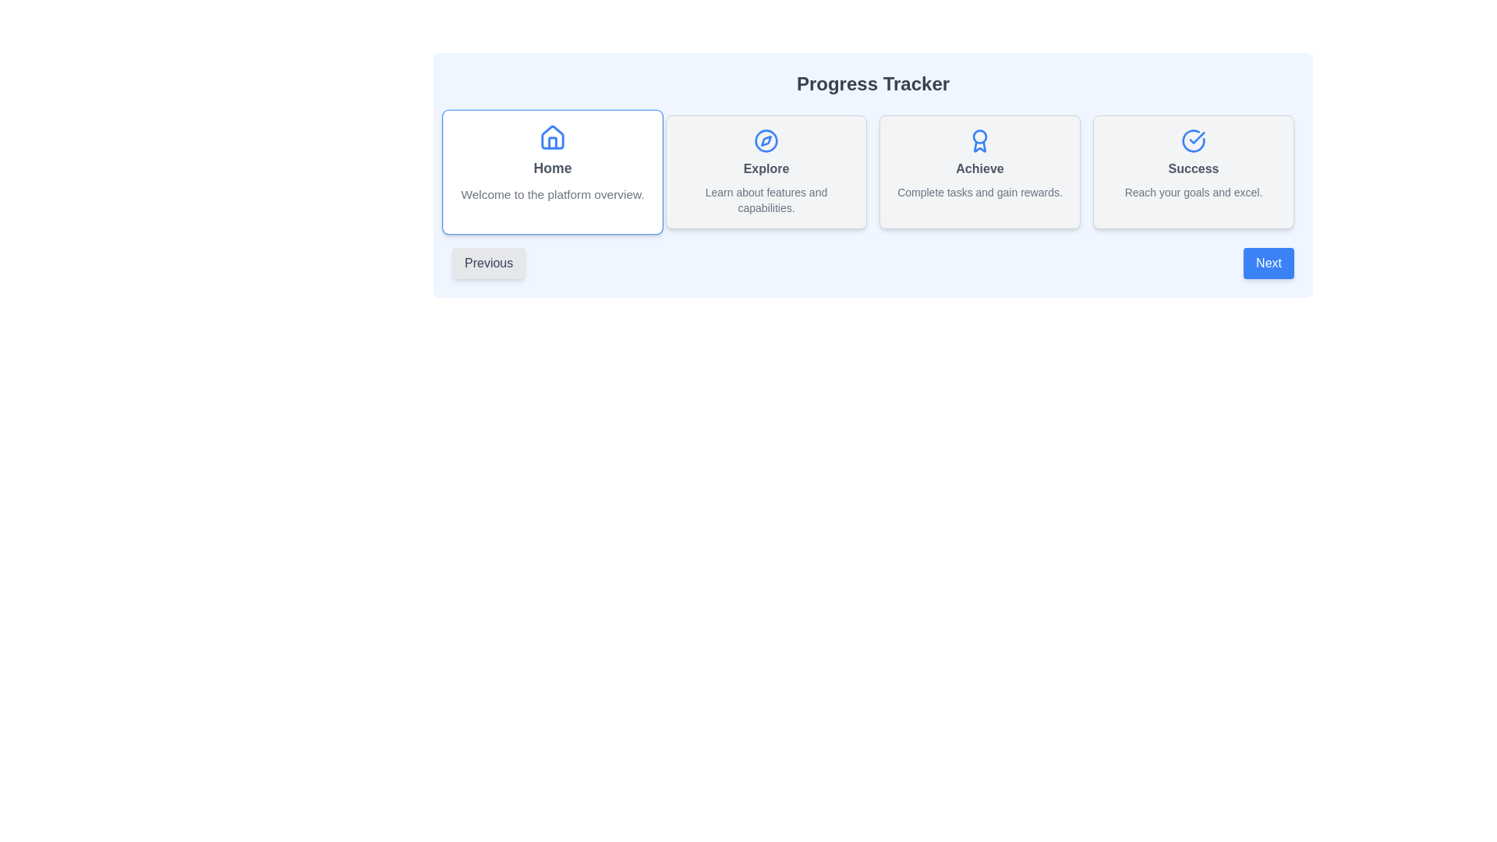  Describe the element at coordinates (1193, 168) in the screenshot. I see `the bold-styled text reading 'Success' that is centrally aligned within its light gray card layout` at that location.